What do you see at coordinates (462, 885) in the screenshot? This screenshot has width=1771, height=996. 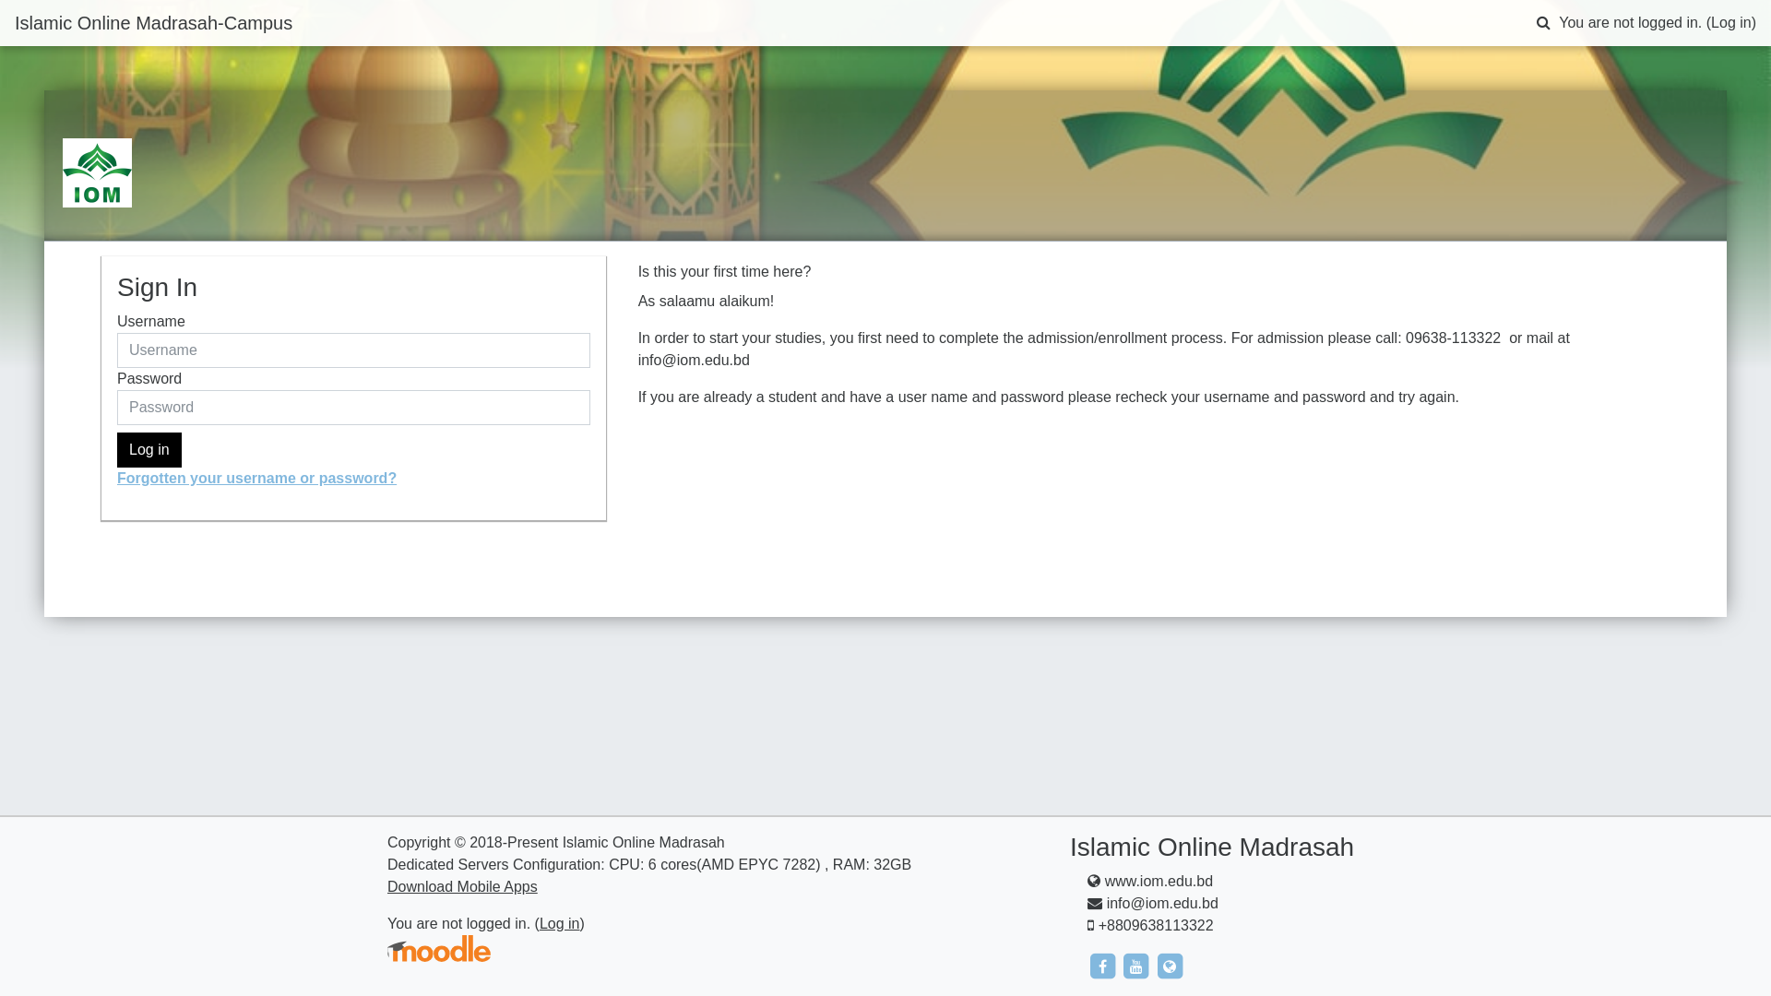 I see `'Download Mobile Apps'` at bounding box center [462, 885].